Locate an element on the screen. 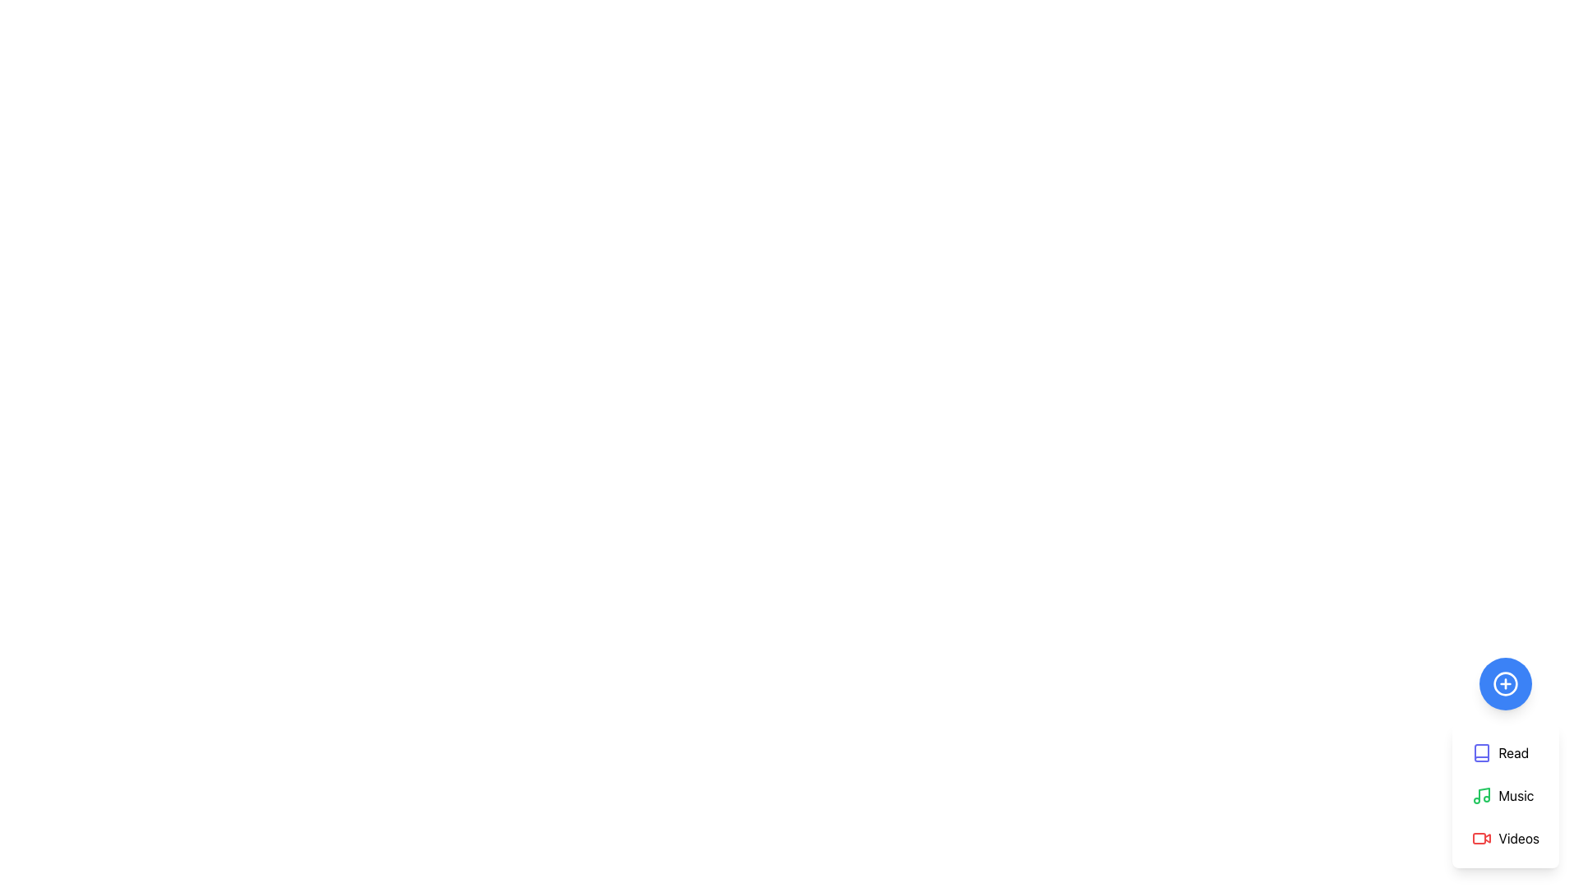  the vertical musical note graphic element that is part of the 'Music' icon, positioned between two circular elements is located at coordinates (1484, 793).